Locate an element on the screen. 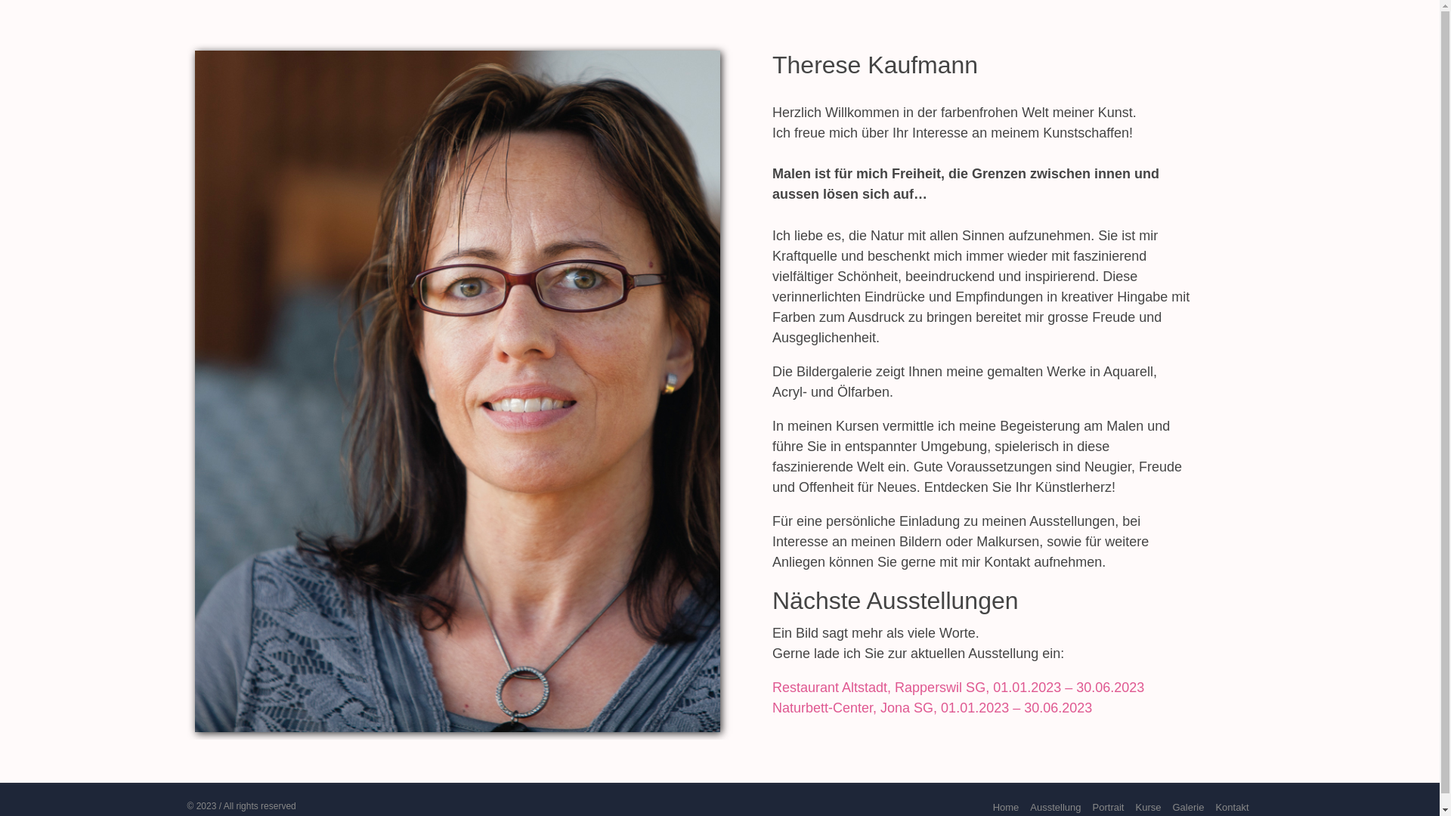 This screenshot has width=1451, height=816. 'Home' is located at coordinates (1006, 806).